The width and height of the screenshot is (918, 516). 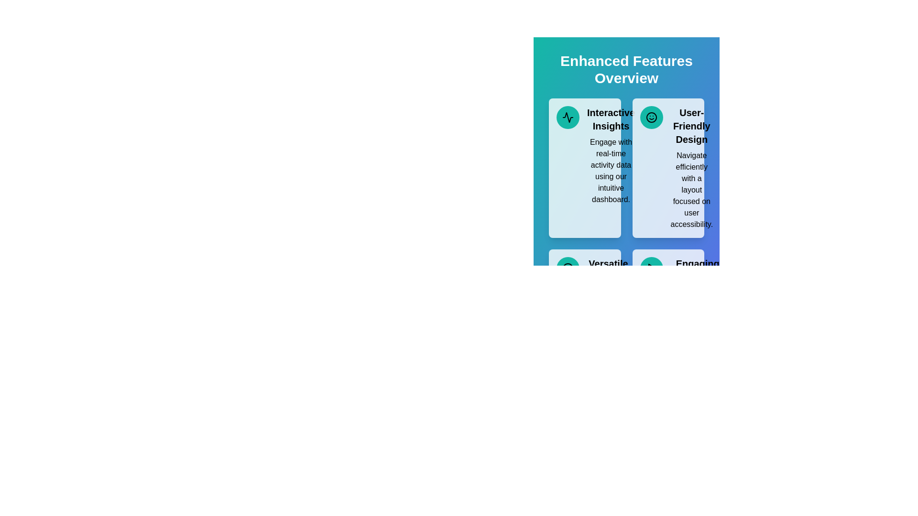 What do you see at coordinates (610, 171) in the screenshot?
I see `text element displaying the sentence: 'Engage with real-time activity data using our intuitive dashboard.' located below the heading 'Interactive Insights'` at bounding box center [610, 171].